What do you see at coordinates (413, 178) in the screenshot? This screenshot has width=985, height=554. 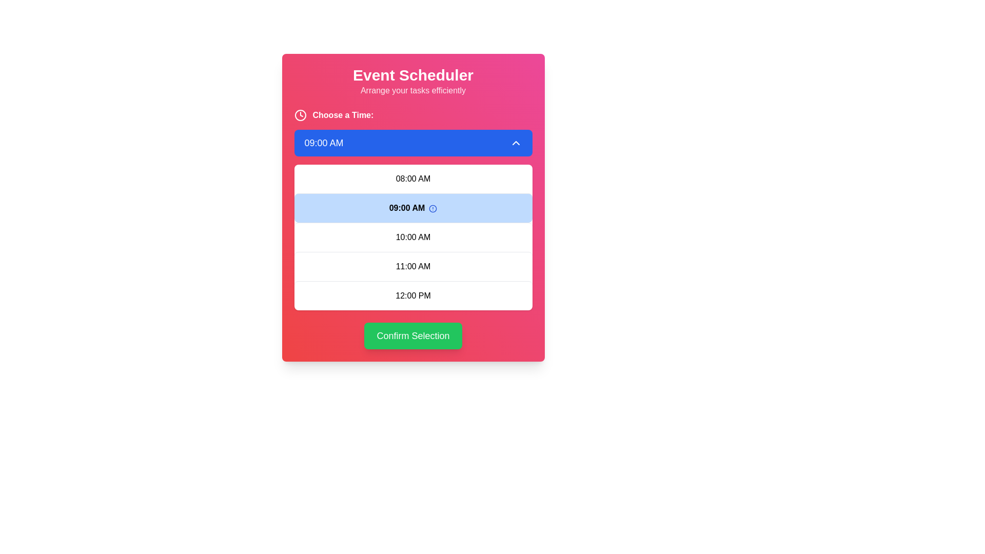 I see `the list item displaying '08:00 AM' to trigger the hover effect, which highlights it in blue` at bounding box center [413, 178].